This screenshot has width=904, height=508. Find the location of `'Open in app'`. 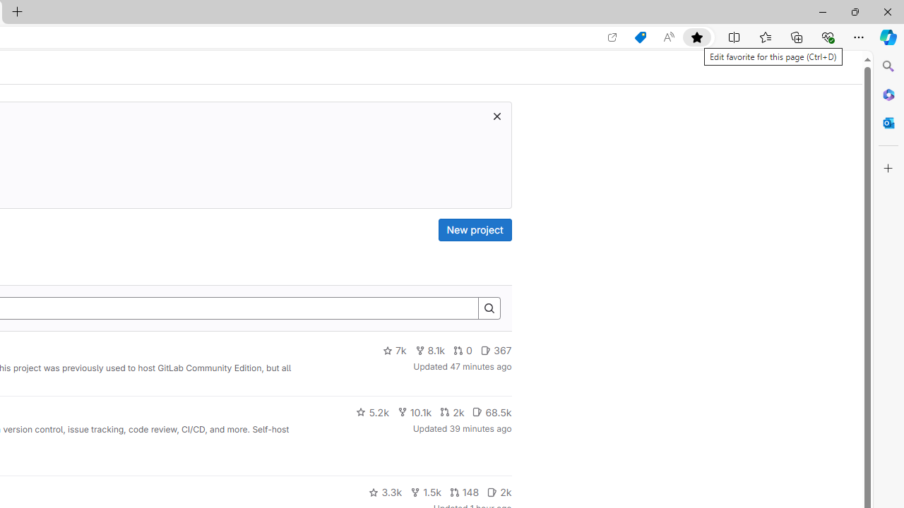

'Open in app' is located at coordinates (612, 37).